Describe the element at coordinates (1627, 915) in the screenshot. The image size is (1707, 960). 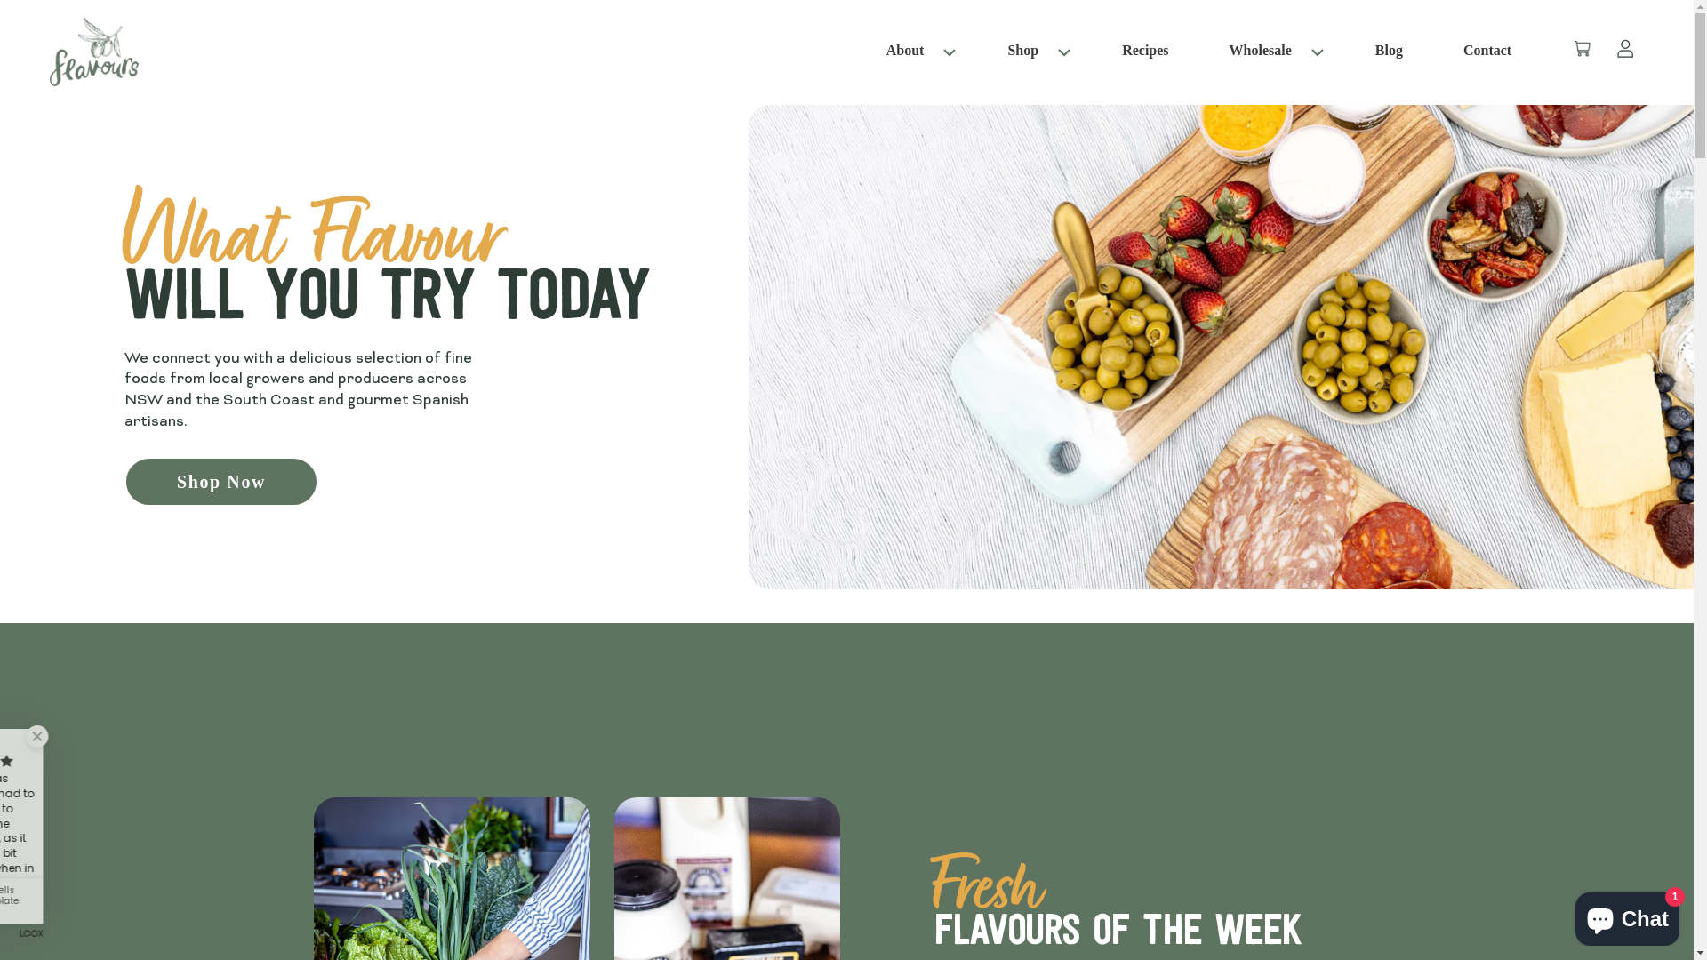
I see `'Shopify online store chat'` at that location.